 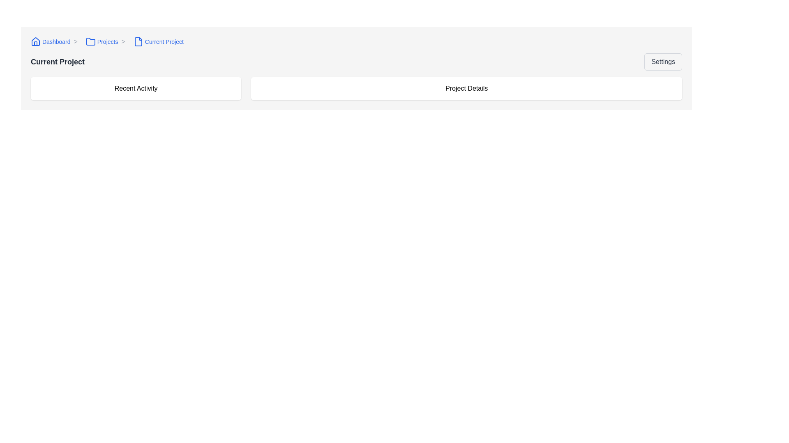 I want to click on the hyperlinked text for the 'Current Project' page in the breadcrumb navigation bar, so click(x=158, y=41).